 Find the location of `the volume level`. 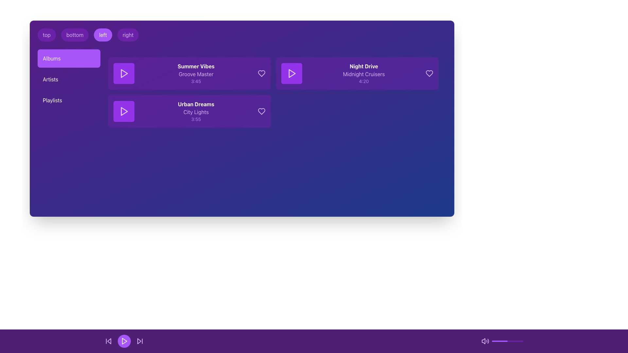

the volume level is located at coordinates (516, 341).